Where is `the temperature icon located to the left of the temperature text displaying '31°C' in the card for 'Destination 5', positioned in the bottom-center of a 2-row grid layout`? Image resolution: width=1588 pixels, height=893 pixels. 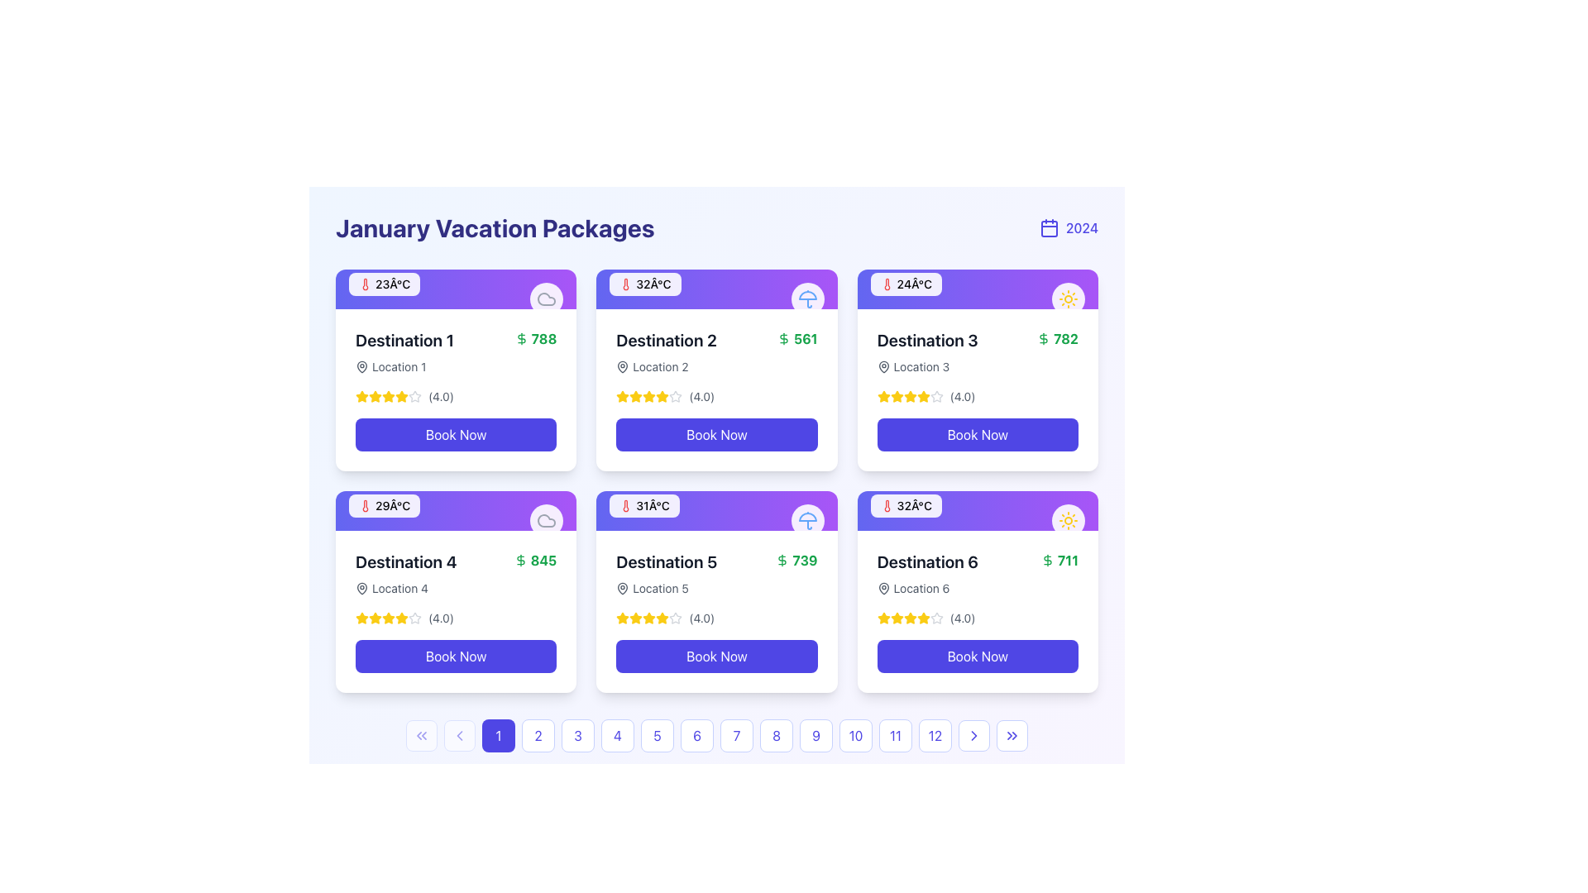 the temperature icon located to the left of the temperature text displaying '31°C' in the card for 'Destination 5', positioned in the bottom-center of a 2-row grid layout is located at coordinates (625, 505).